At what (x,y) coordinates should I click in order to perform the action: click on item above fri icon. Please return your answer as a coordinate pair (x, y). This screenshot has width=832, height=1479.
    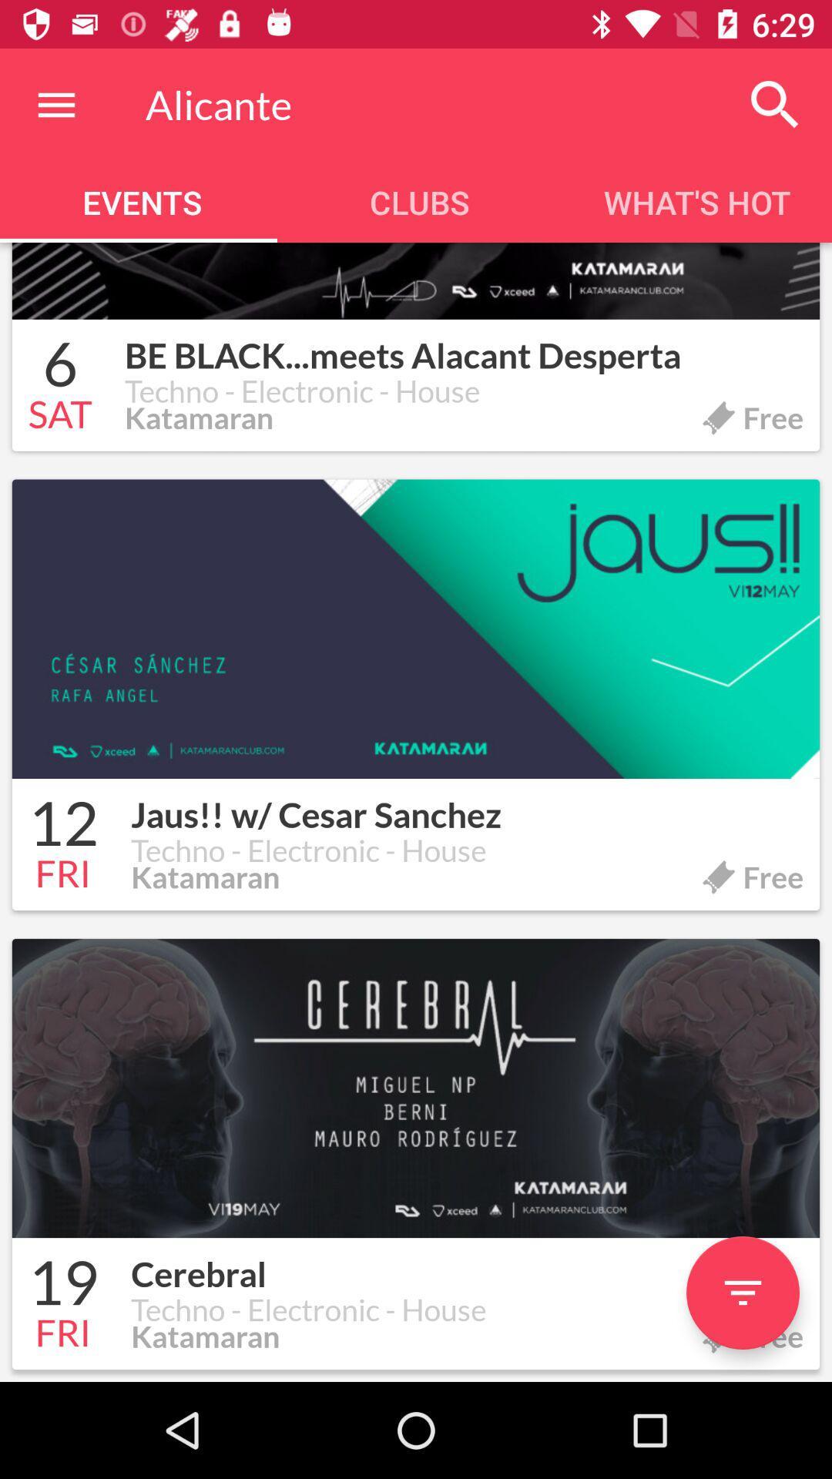
    Looking at the image, I should click on (62, 1285).